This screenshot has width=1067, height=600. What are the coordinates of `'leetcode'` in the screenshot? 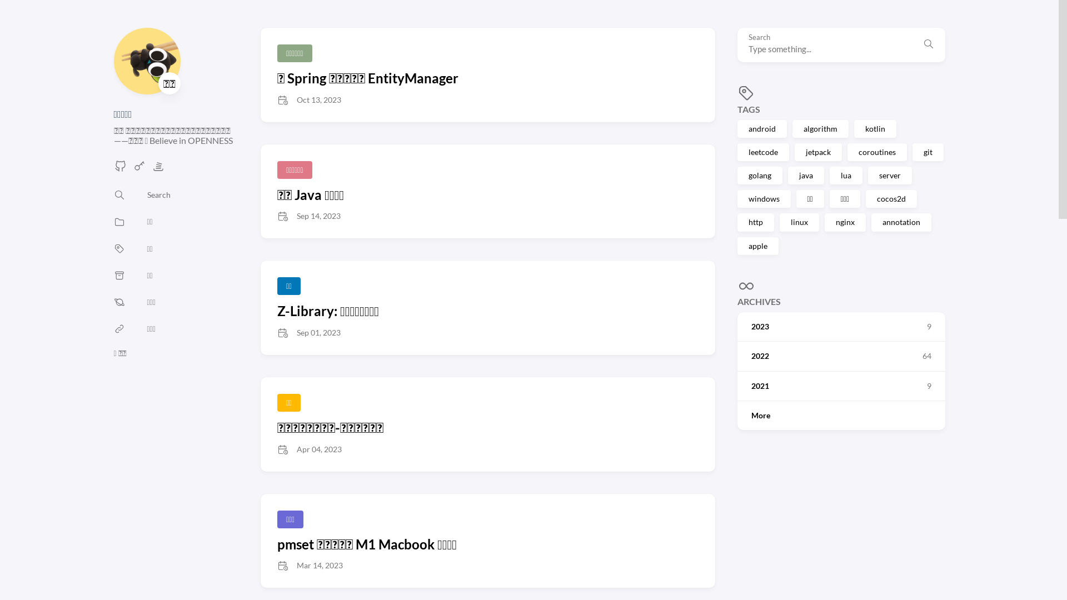 It's located at (762, 152).